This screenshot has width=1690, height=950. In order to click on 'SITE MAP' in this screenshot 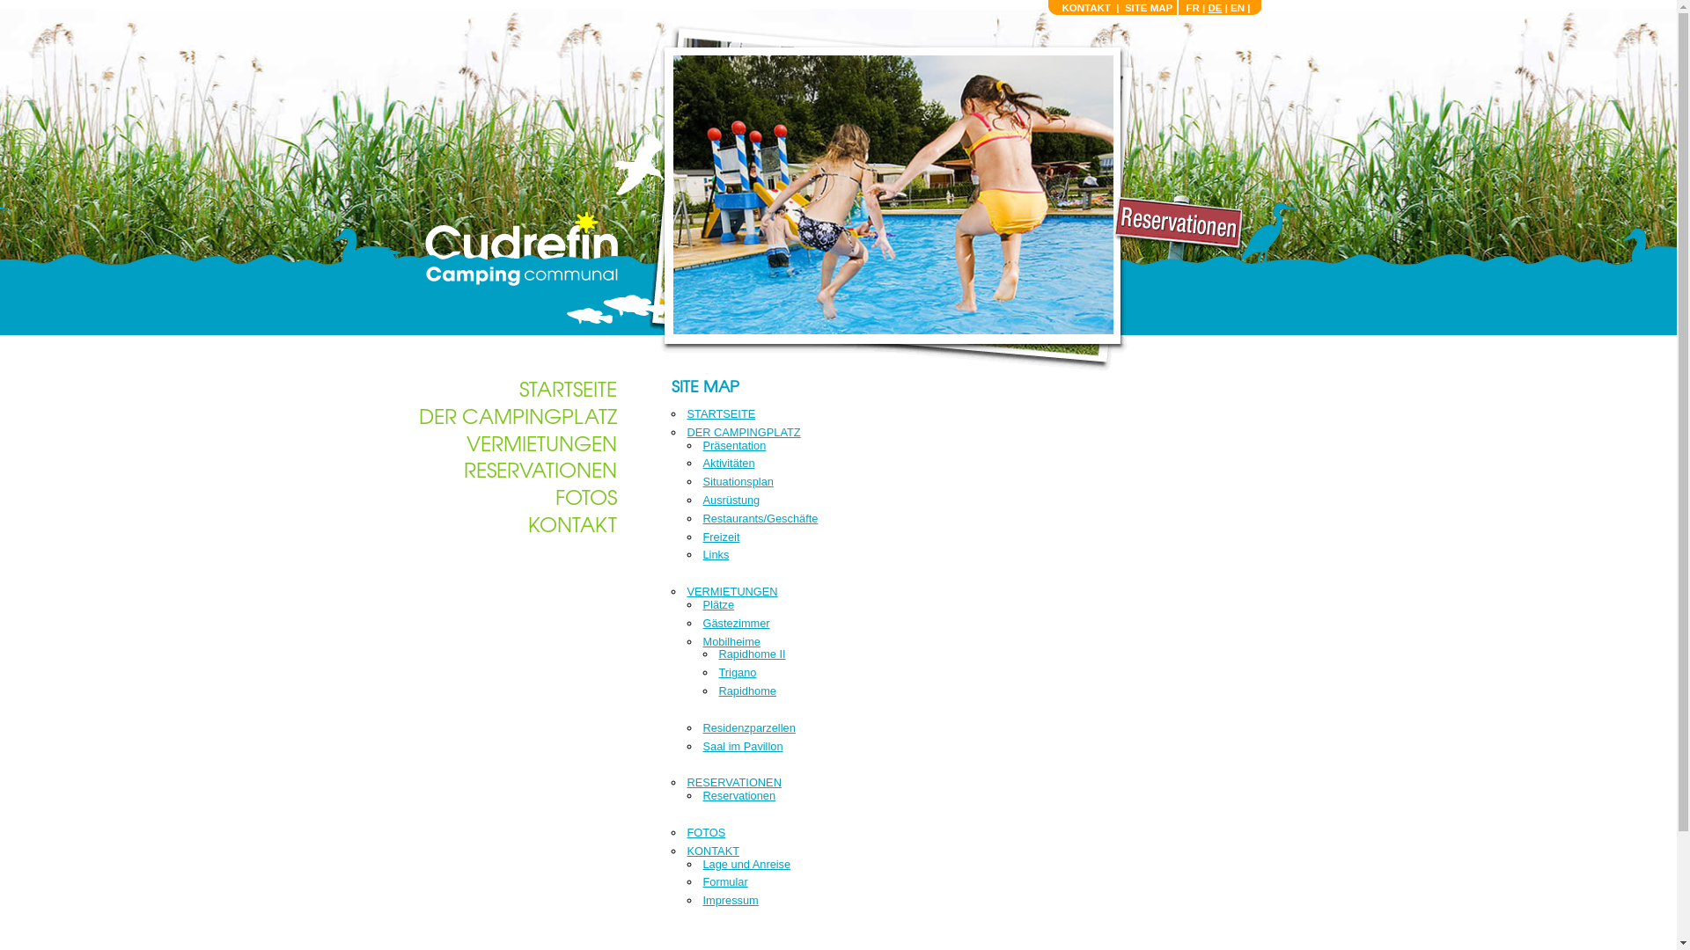, I will do `click(1123, 7)`.